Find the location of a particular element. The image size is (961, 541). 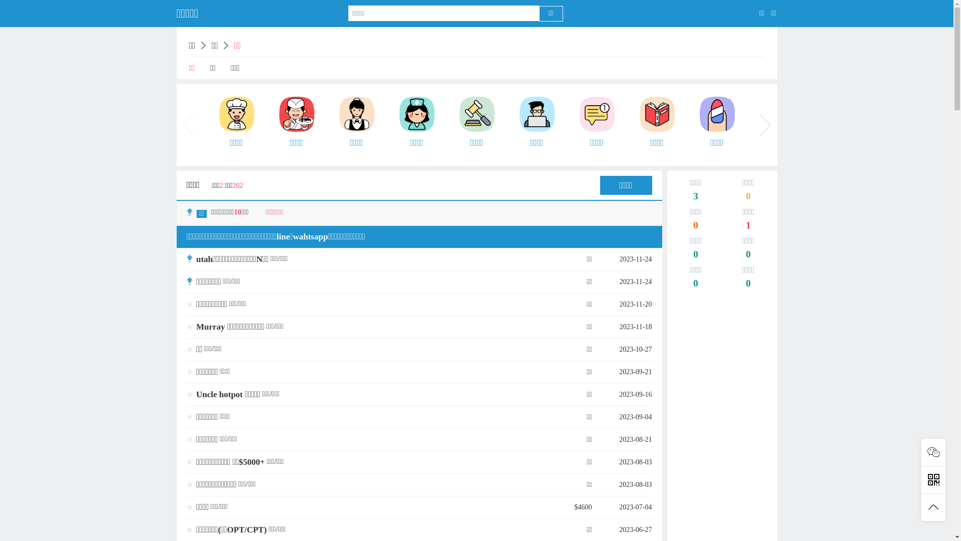

'1' is located at coordinates (748, 226).